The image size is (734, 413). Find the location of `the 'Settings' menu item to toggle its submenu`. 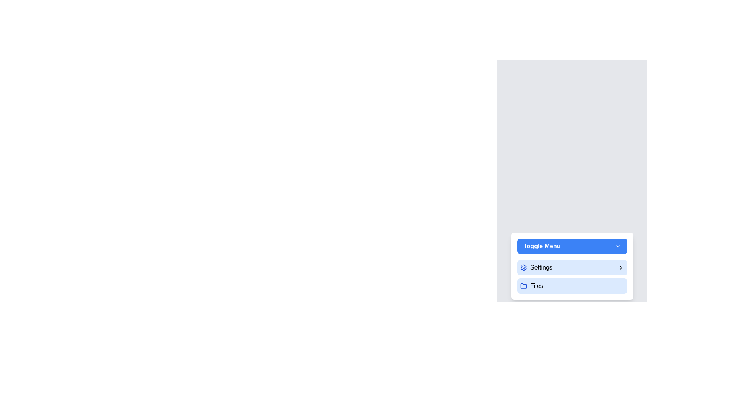

the 'Settings' menu item to toggle its submenu is located at coordinates (572, 267).